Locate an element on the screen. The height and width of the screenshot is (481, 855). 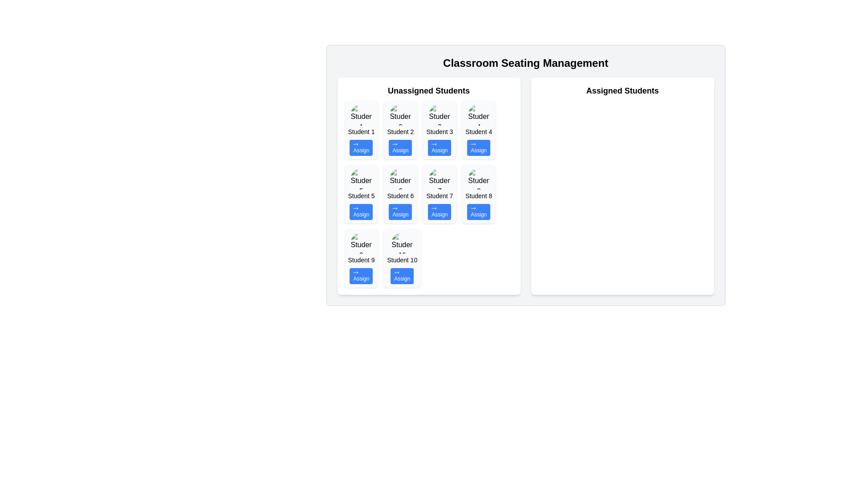
the circular avatar image displaying 'Stu 5' at the top of the card titled 'Student 5' in the second row, first column of the grid under 'Unassigned Students' to focus on it is located at coordinates (361, 179).